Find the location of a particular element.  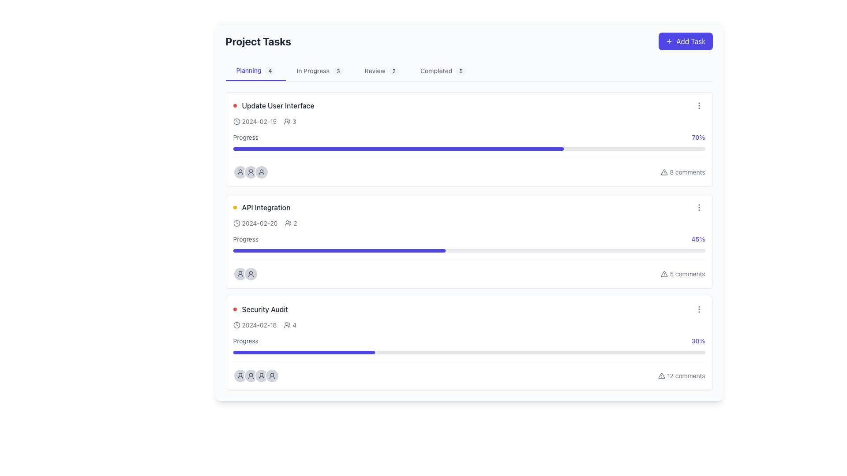

the vertical ellipsis button with three small dots in the top-right corner of the 'API Integration' section is located at coordinates (698, 207).